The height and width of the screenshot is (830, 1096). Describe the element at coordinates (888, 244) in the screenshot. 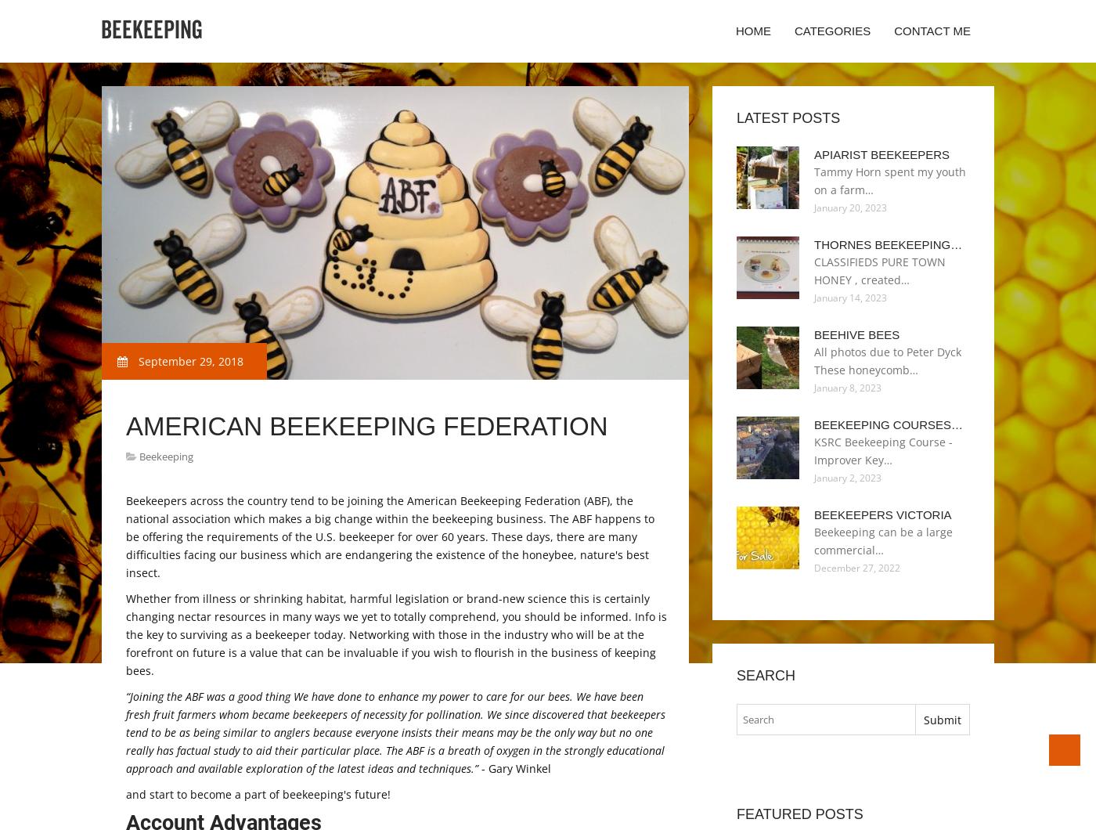

I see `'Thornes Beekeeping…'` at that location.